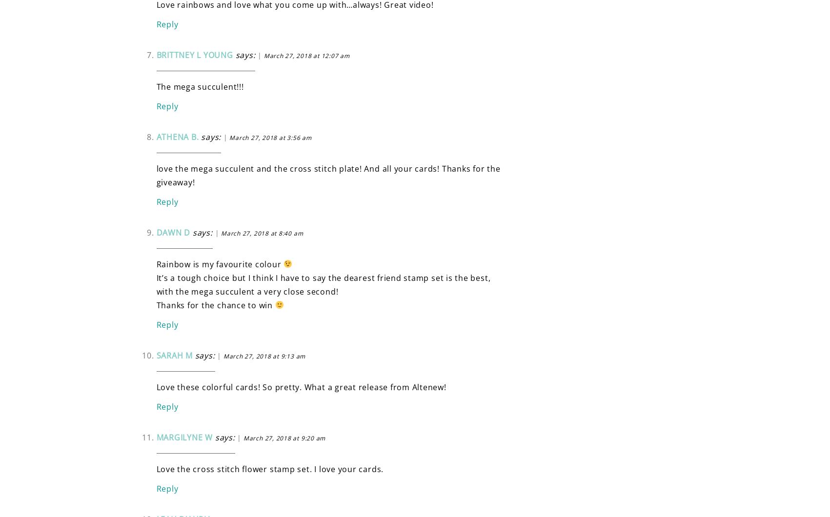 This screenshot has width=830, height=517. I want to click on 'Sarah M', so click(174, 355).